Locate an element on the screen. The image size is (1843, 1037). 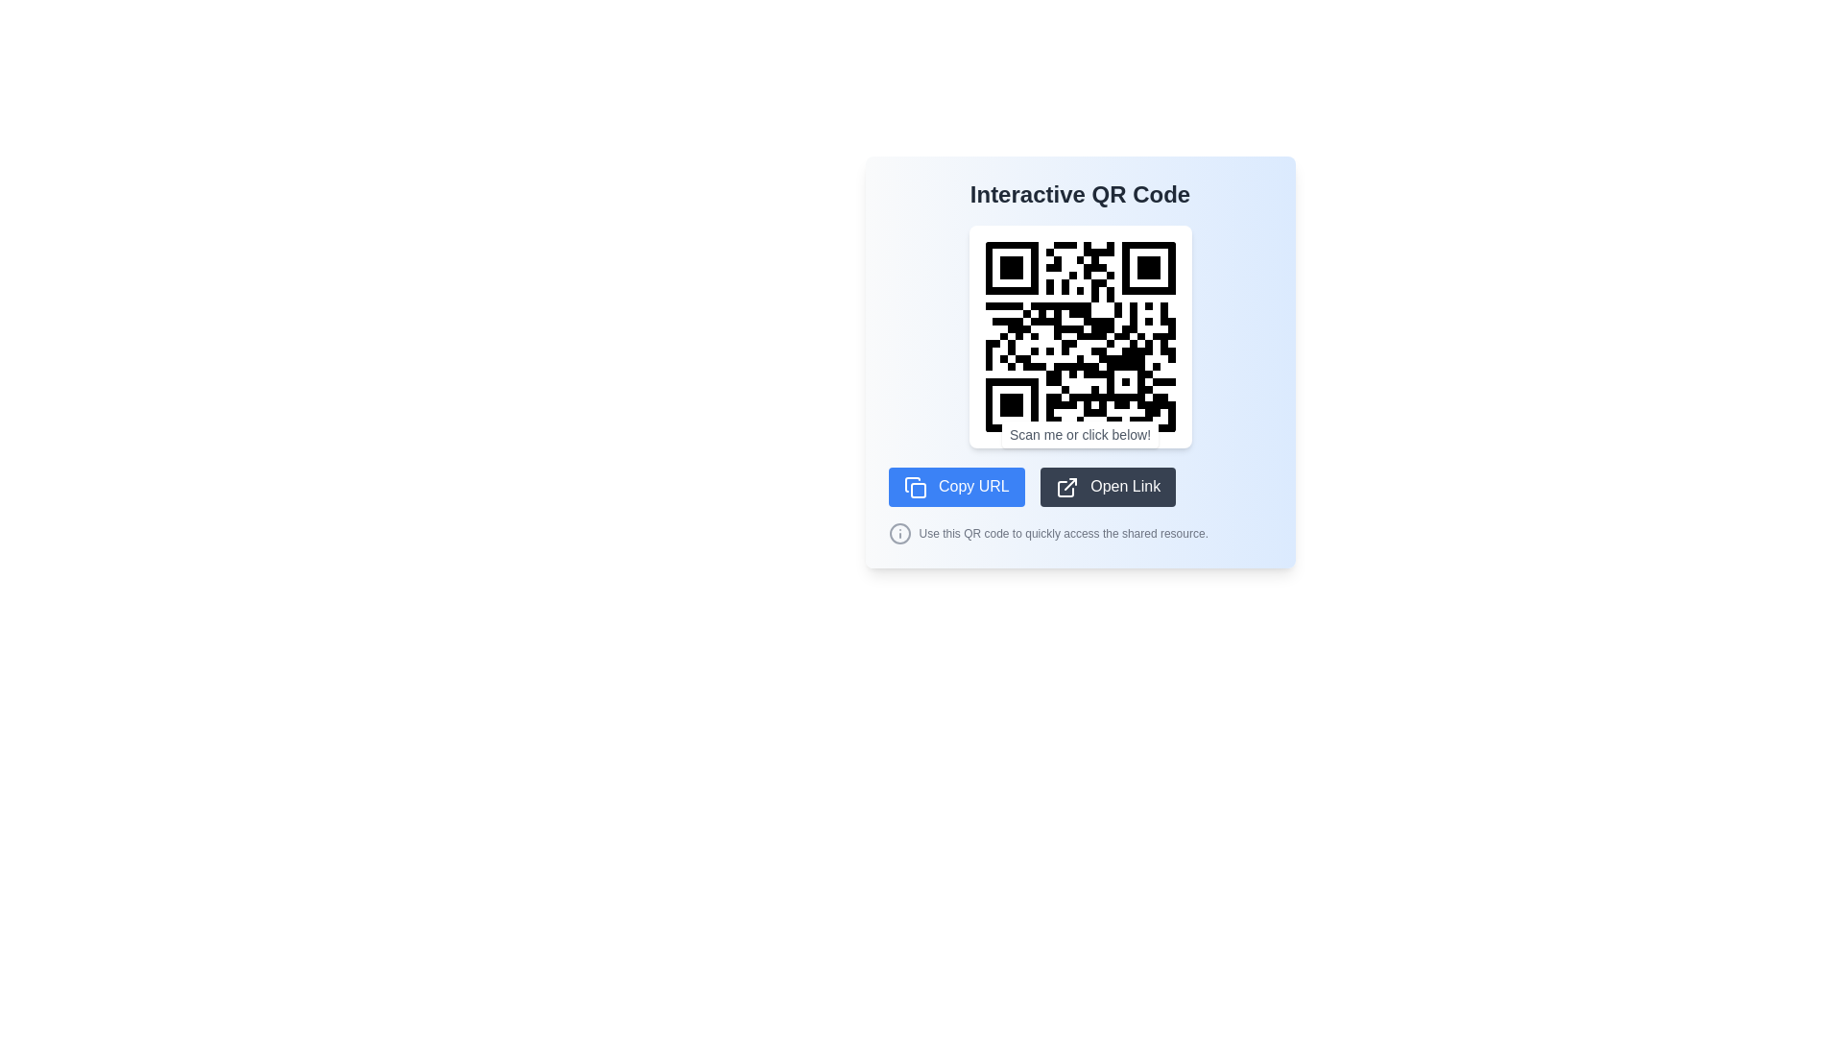
the informational label that reads 'Use this QR code to quickly access the shared resource.' located below the 'Copy URL' and 'Open Link' buttons is located at coordinates (1080, 533).